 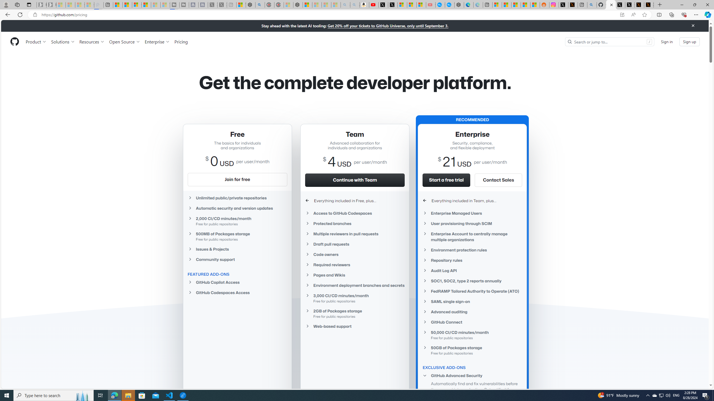 I want to click on 'GitHub Codespaces Access', so click(x=237, y=292).